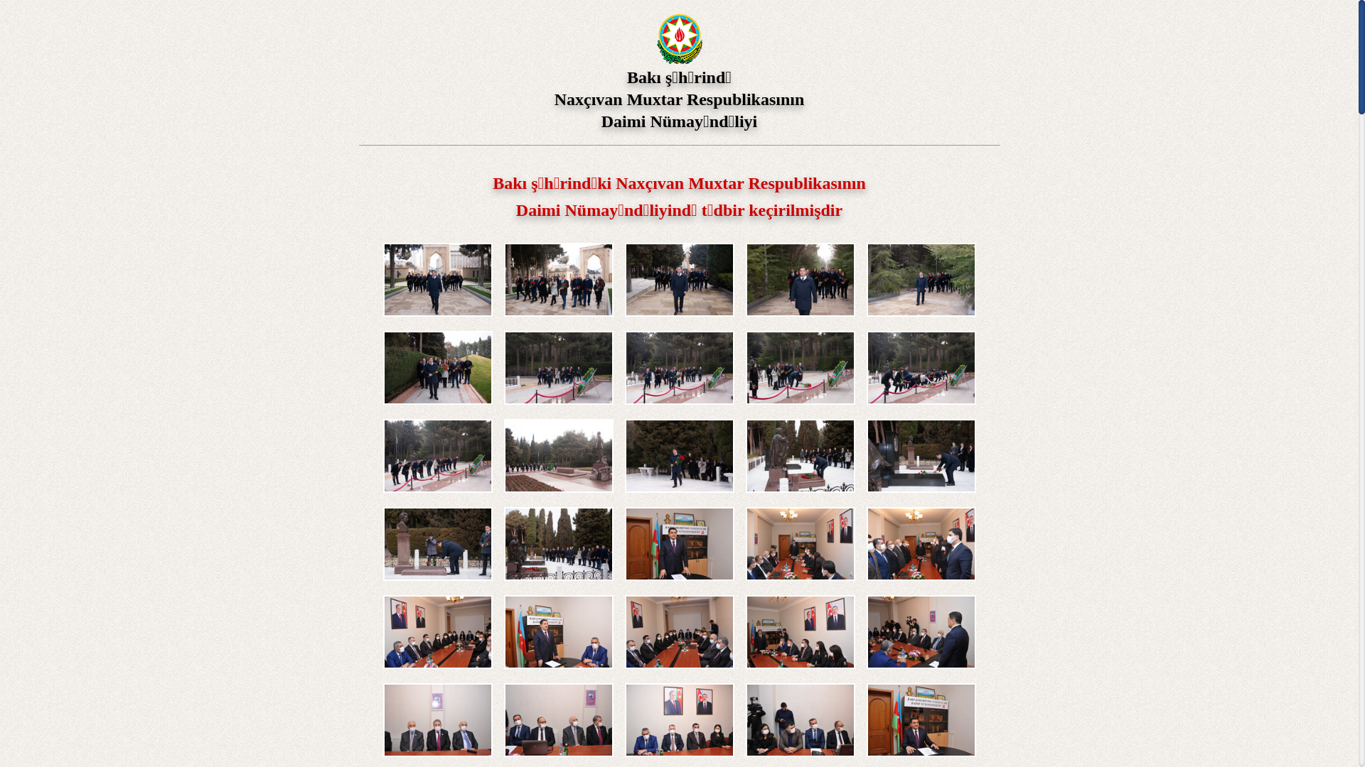  I want to click on 'Click to enlarge', so click(799, 543).